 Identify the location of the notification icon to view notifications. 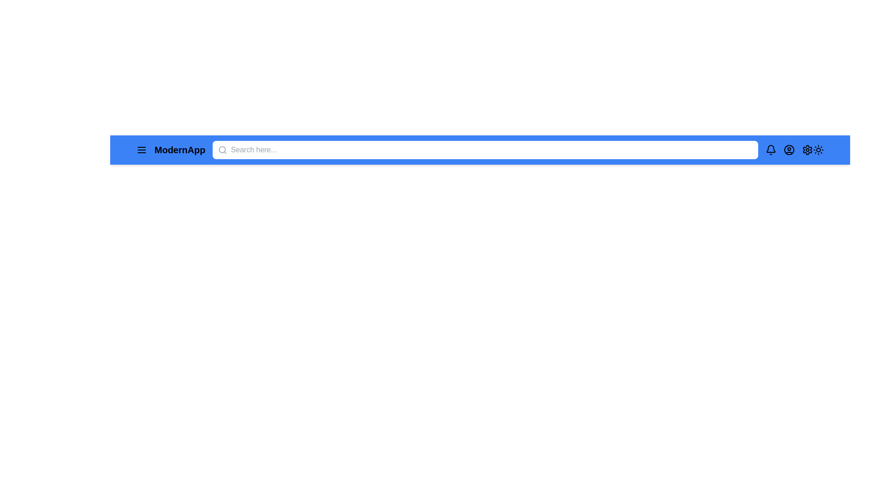
(770, 149).